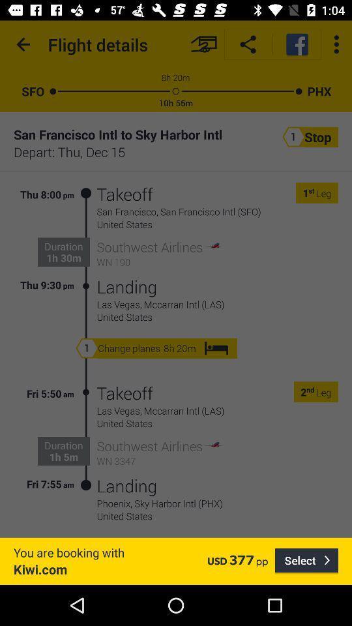 The image size is (352, 626). I want to click on item next to takeoff icon, so click(86, 239).